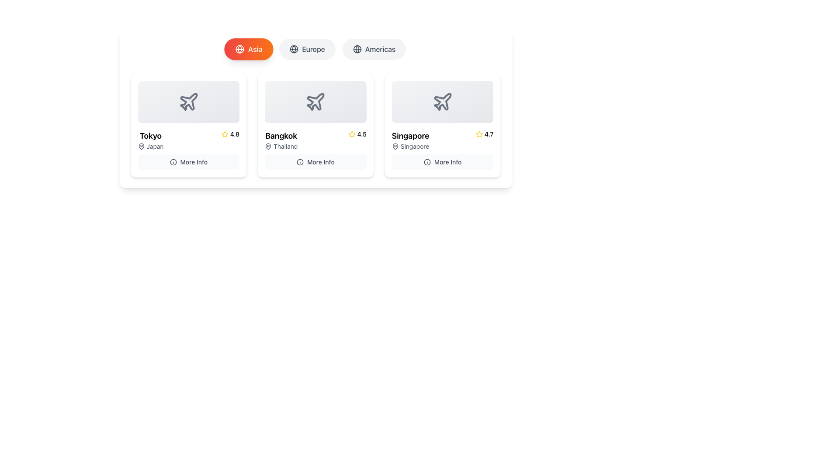 Image resolution: width=839 pixels, height=471 pixels. What do you see at coordinates (362, 134) in the screenshot?
I see `the text label displaying '4.5' that indicates a rating, which is aligned with a yellow star icon on its left, within the Bangkok destination card` at bounding box center [362, 134].